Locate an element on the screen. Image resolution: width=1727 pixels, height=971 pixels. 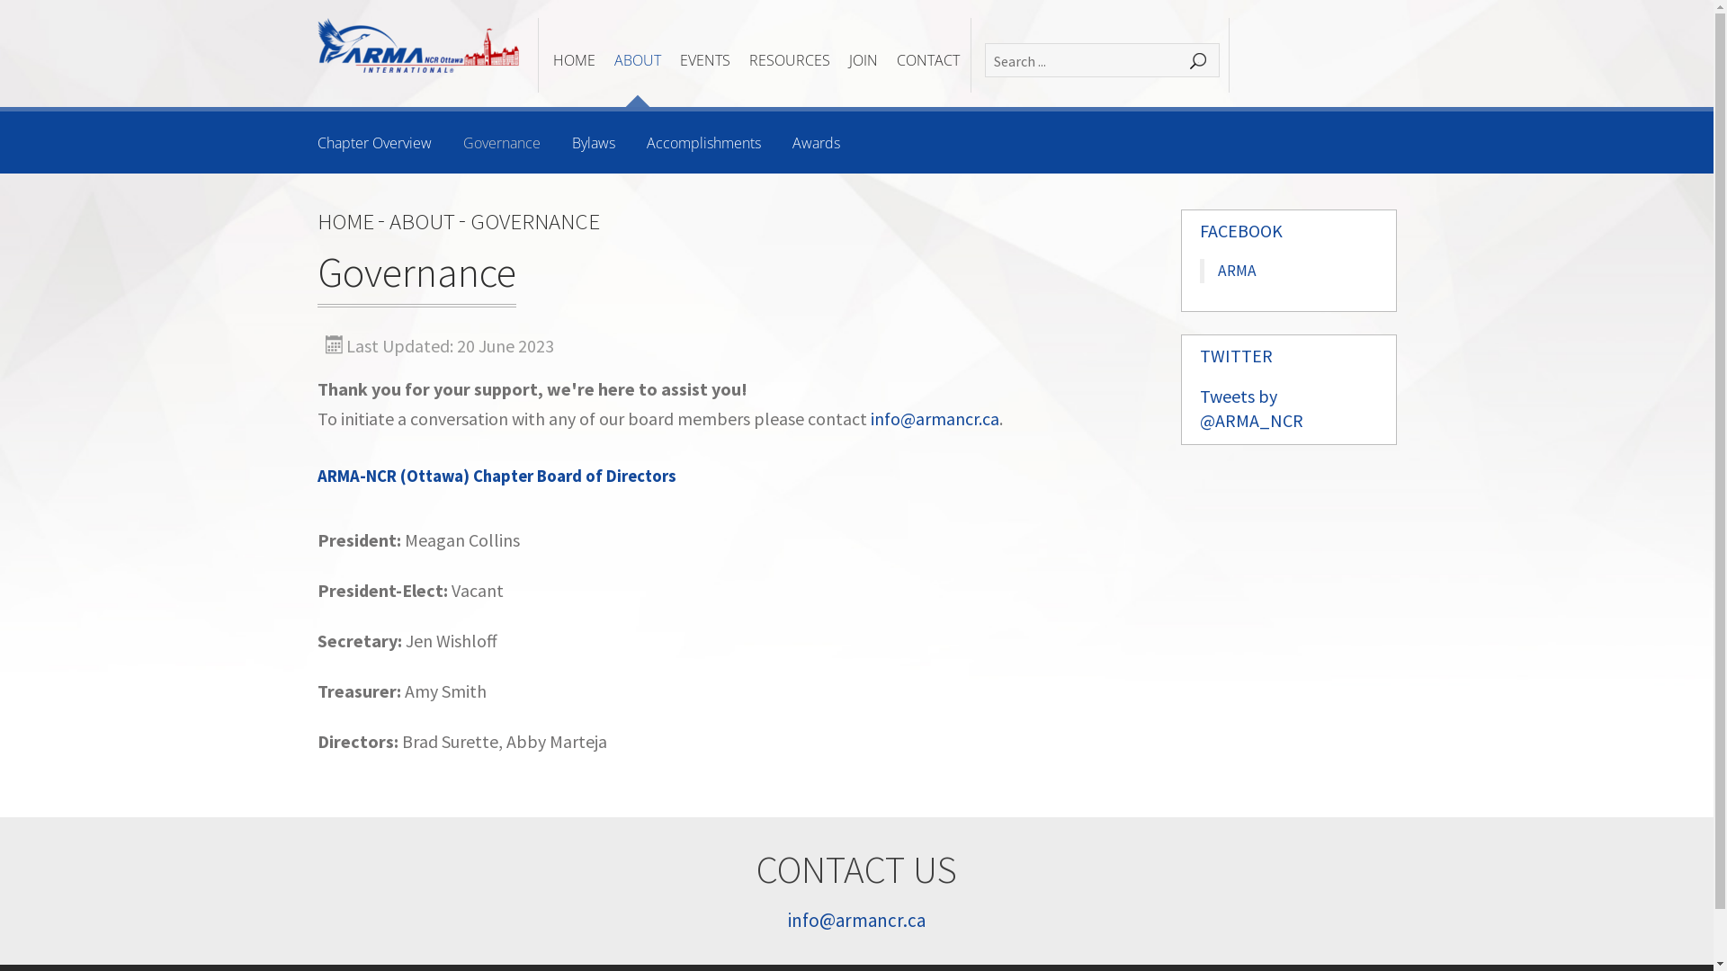
'ABOUT' is located at coordinates (637, 59).